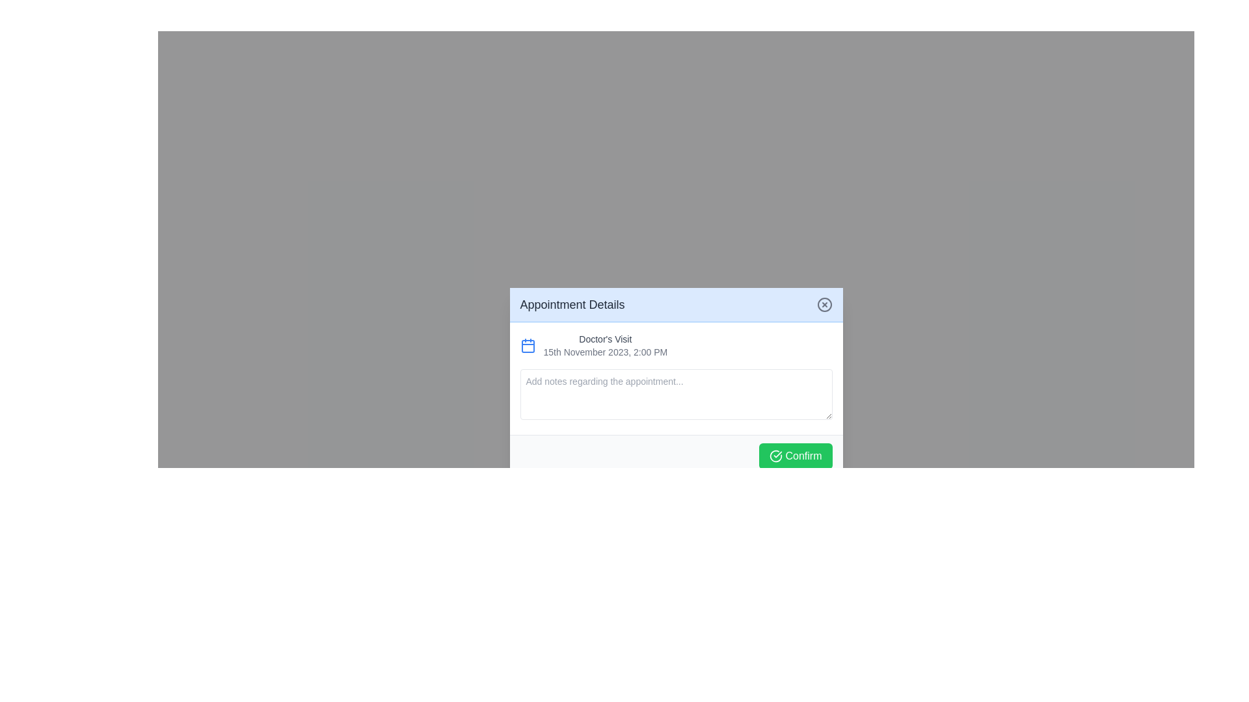 The height and width of the screenshot is (702, 1249). What do you see at coordinates (824, 304) in the screenshot?
I see `the circular outline SVG graphic element located in the upper-right corner of the modal dialog box` at bounding box center [824, 304].